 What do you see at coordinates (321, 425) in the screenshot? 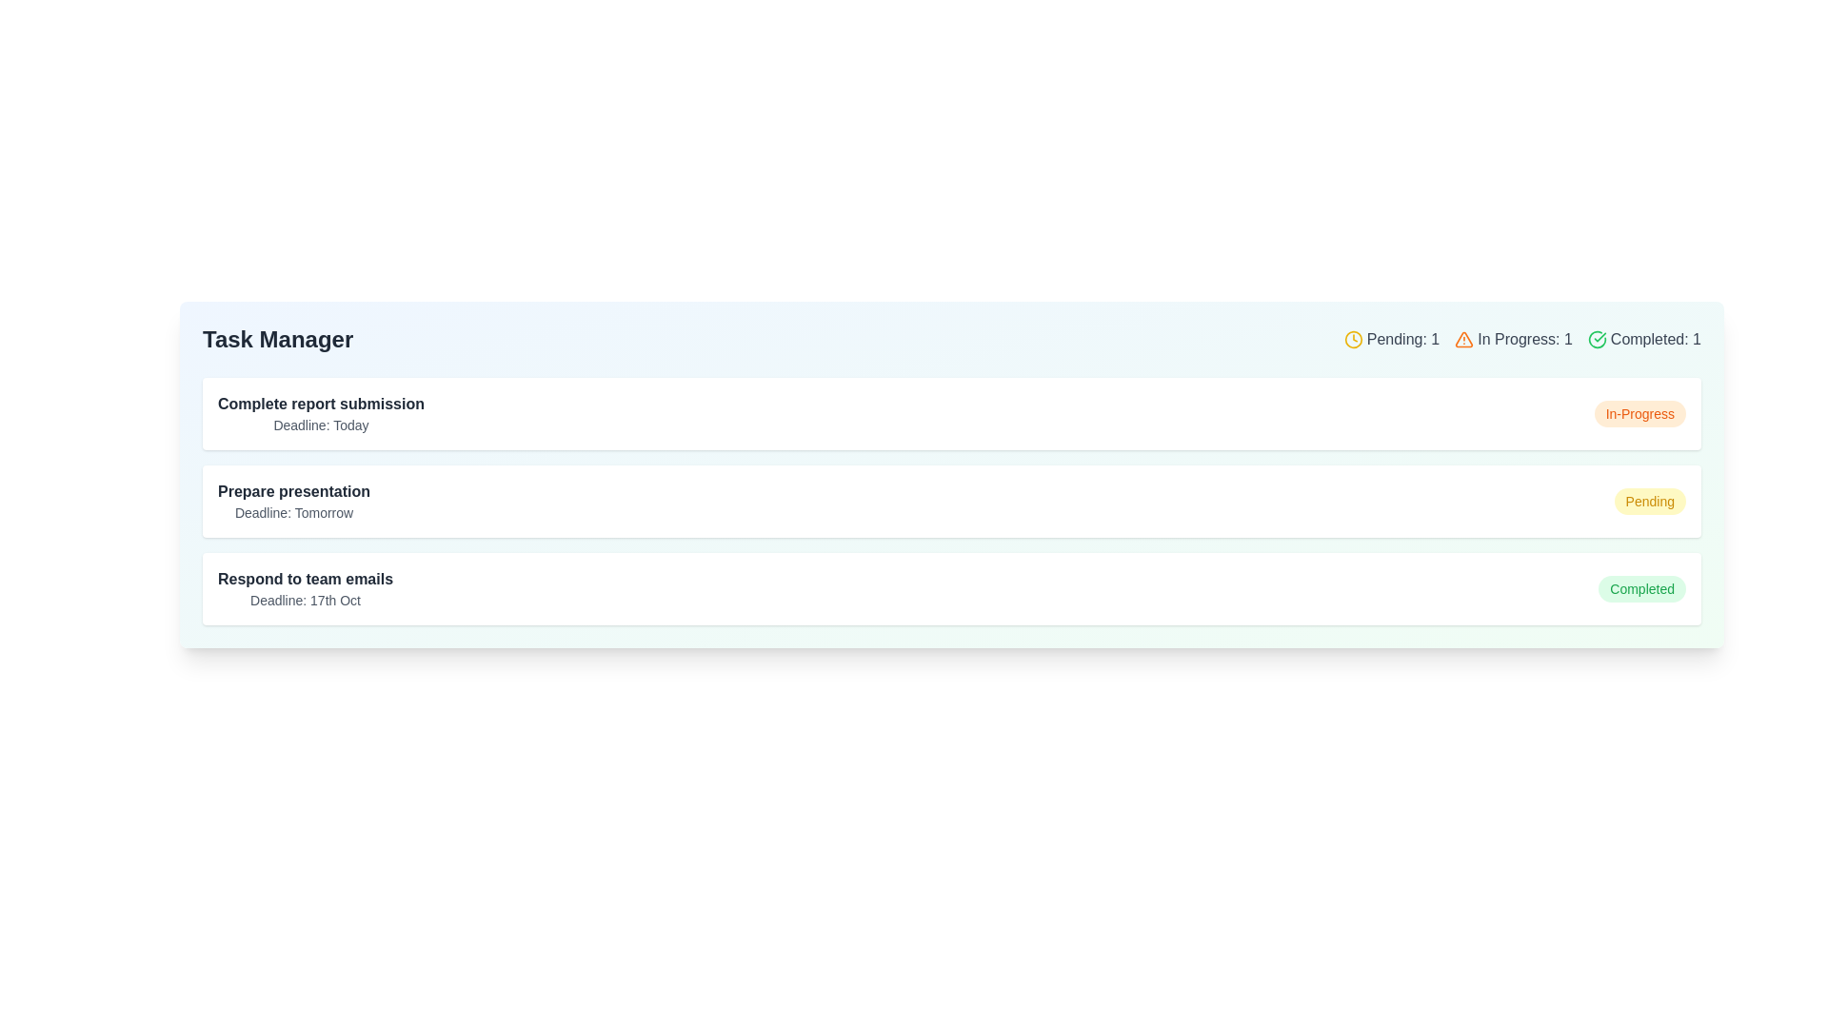
I see `the text label displaying 'Deadline: Today', which is a small, gray-colored font positioned beneath the main text 'Complete report submission'` at bounding box center [321, 425].